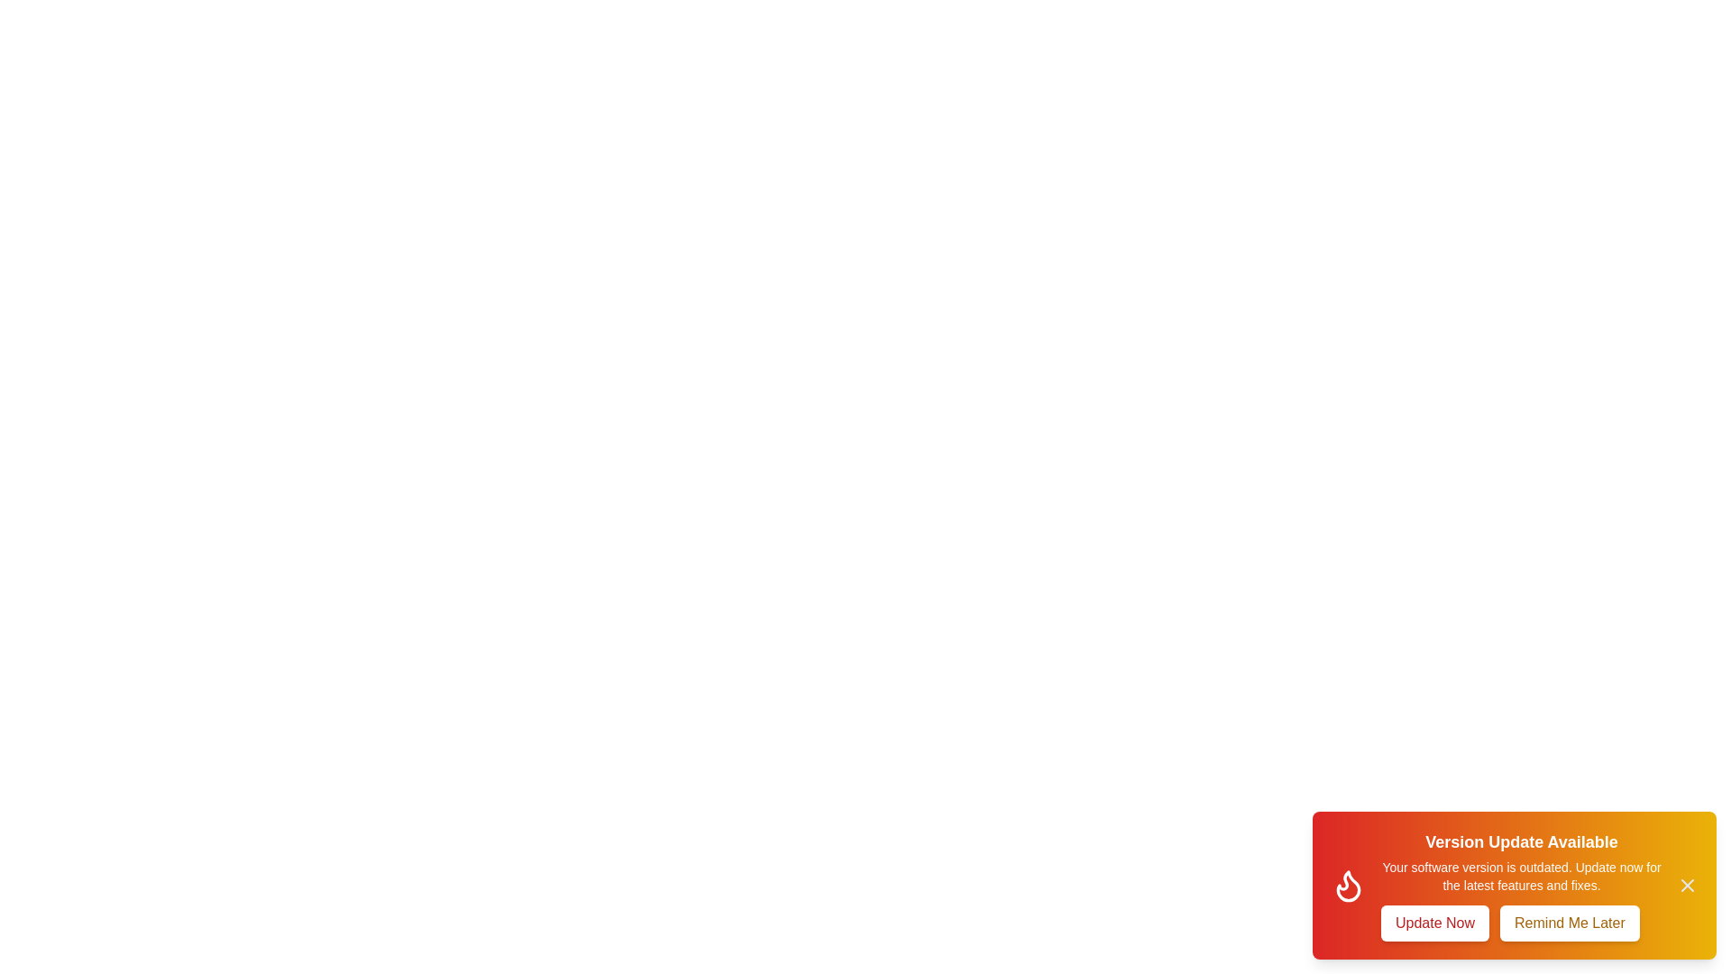 This screenshot has height=974, width=1731. I want to click on the 'Update Now' button to trigger the update action, so click(1434, 923).